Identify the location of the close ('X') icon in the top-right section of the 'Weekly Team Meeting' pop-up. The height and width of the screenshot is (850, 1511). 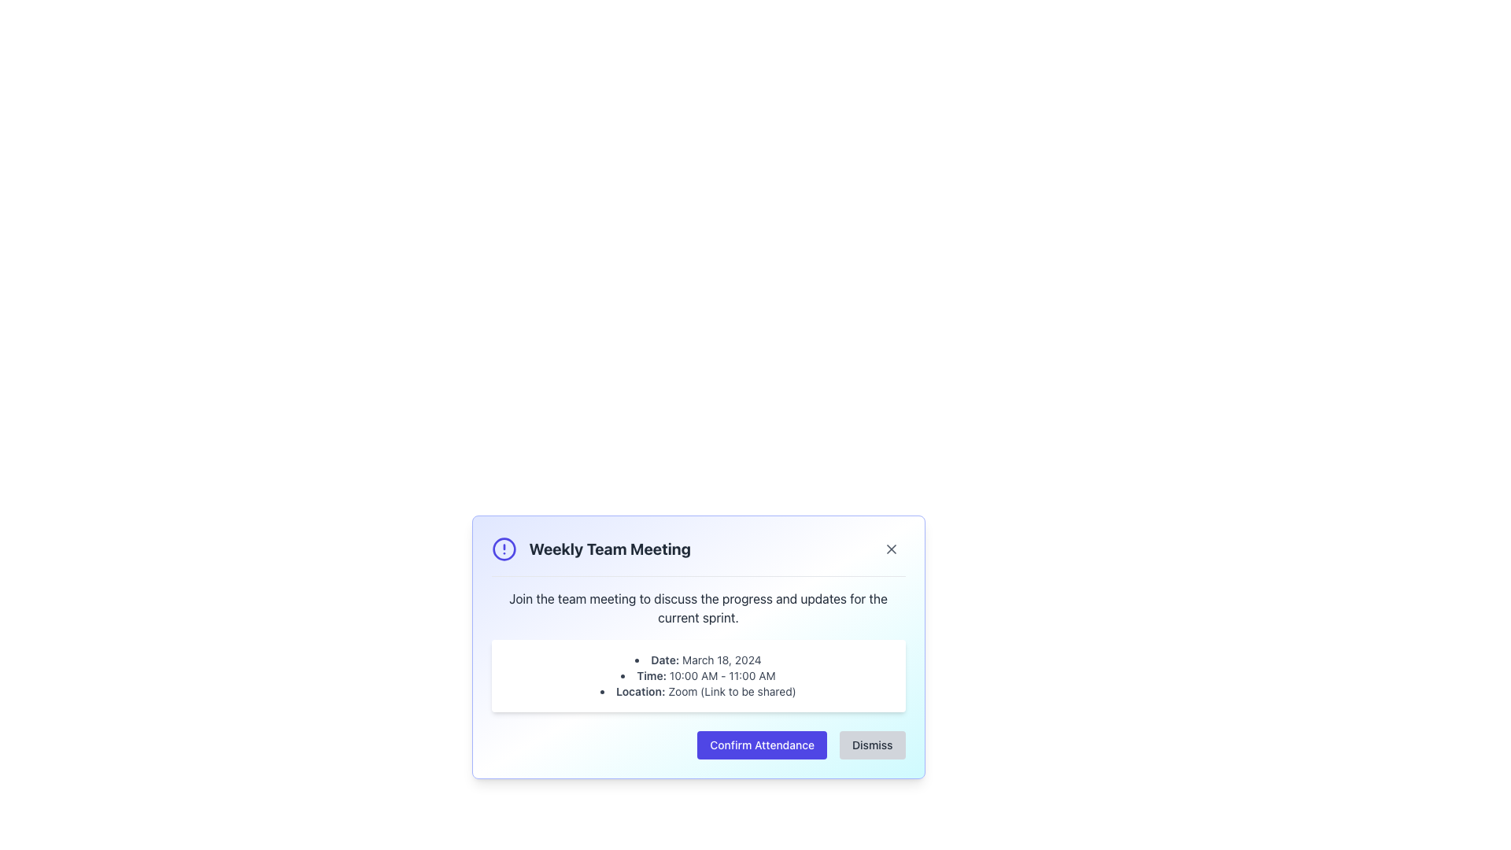
(891, 549).